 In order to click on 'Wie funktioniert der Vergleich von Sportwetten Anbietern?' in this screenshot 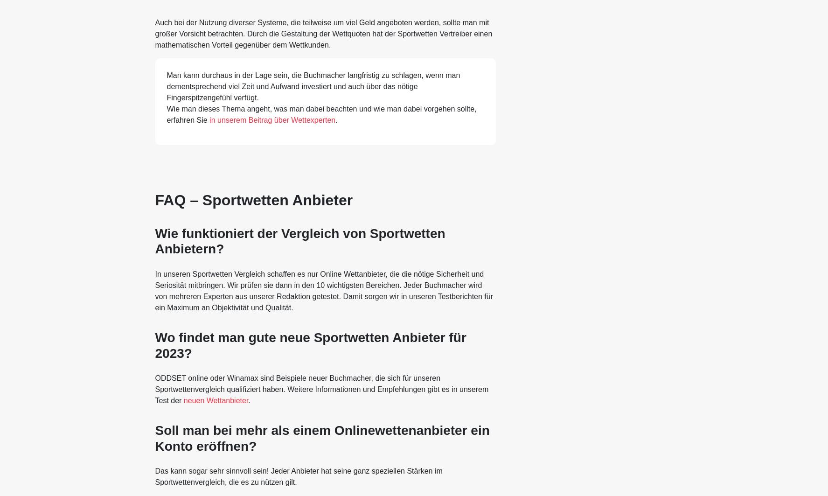, I will do `click(300, 241)`.